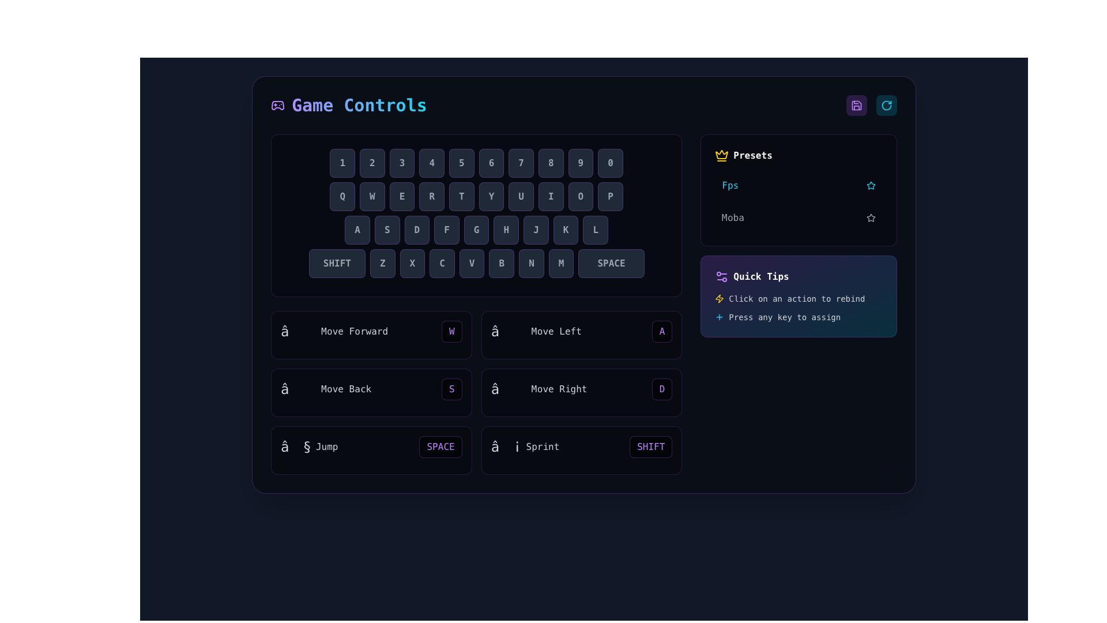 The image size is (1107, 623). Describe the element at coordinates (581, 392) in the screenshot. I see `the 'Move Right' control mapping indicator associated with the 'D' key in the lower-right section of the Interactive Control Mapping Panel` at that location.